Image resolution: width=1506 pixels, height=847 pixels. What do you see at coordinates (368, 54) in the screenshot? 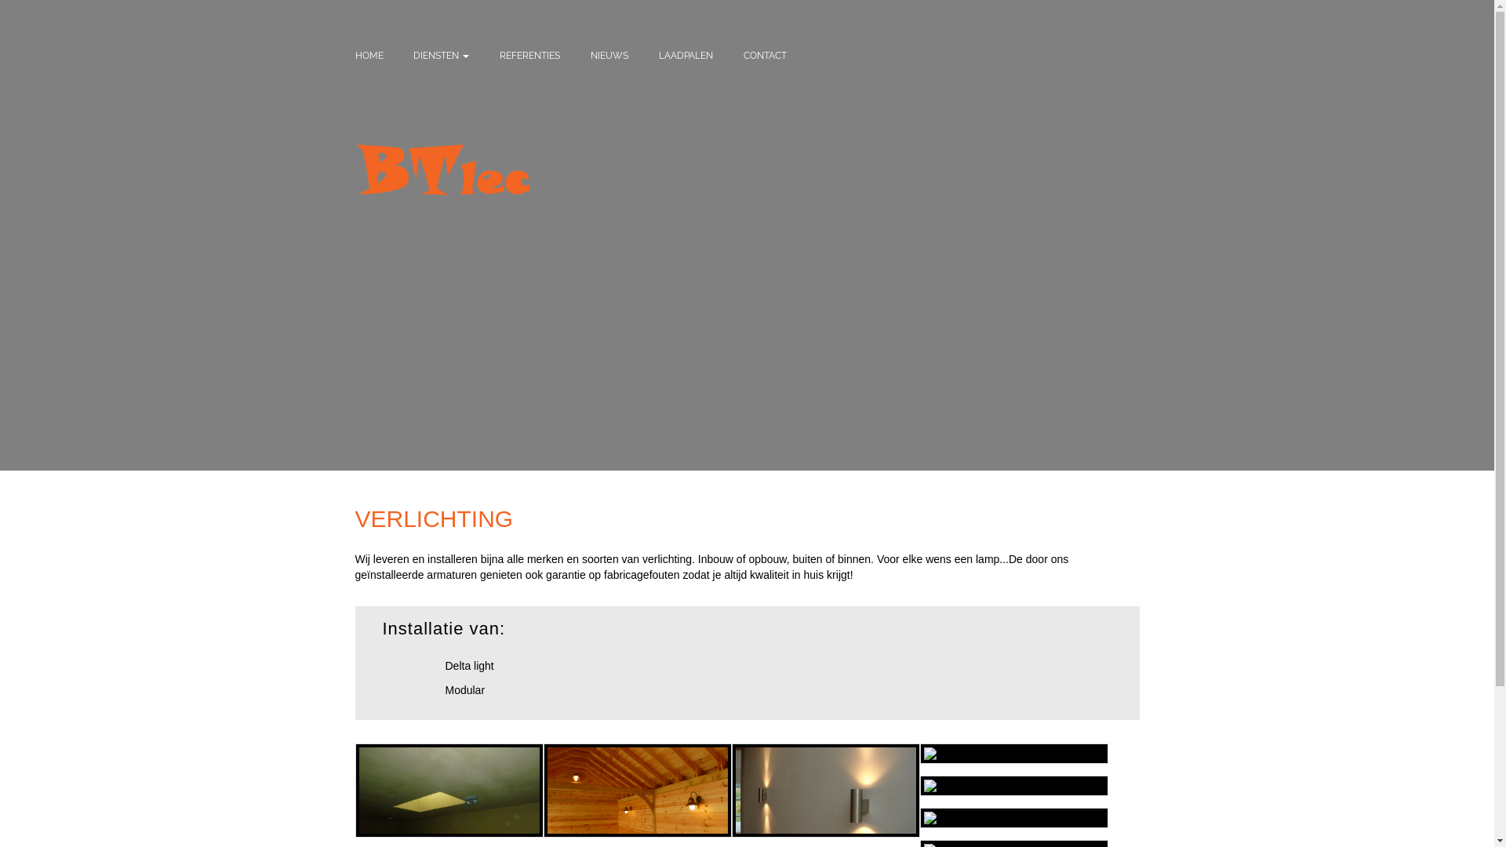
I see `'HOME'` at bounding box center [368, 54].